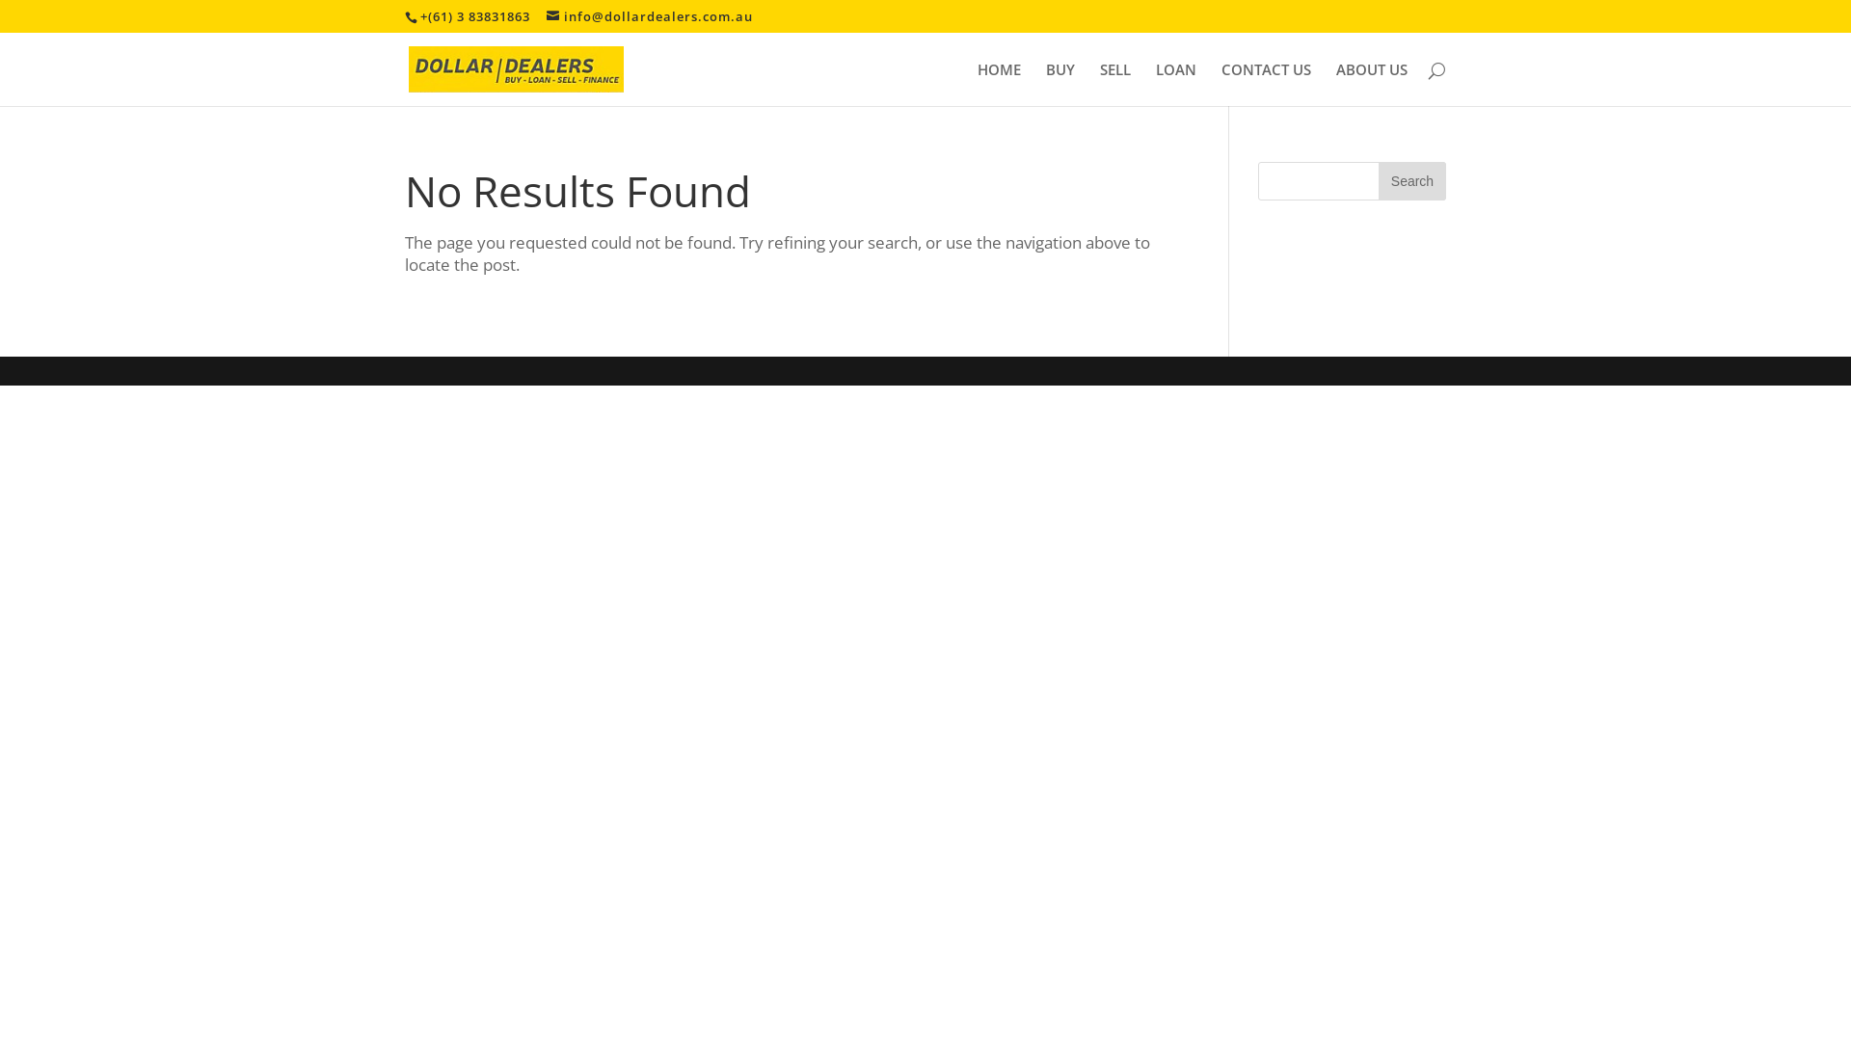 This screenshot has height=1041, width=1851. I want to click on 'ABOUT US', so click(1370, 83).